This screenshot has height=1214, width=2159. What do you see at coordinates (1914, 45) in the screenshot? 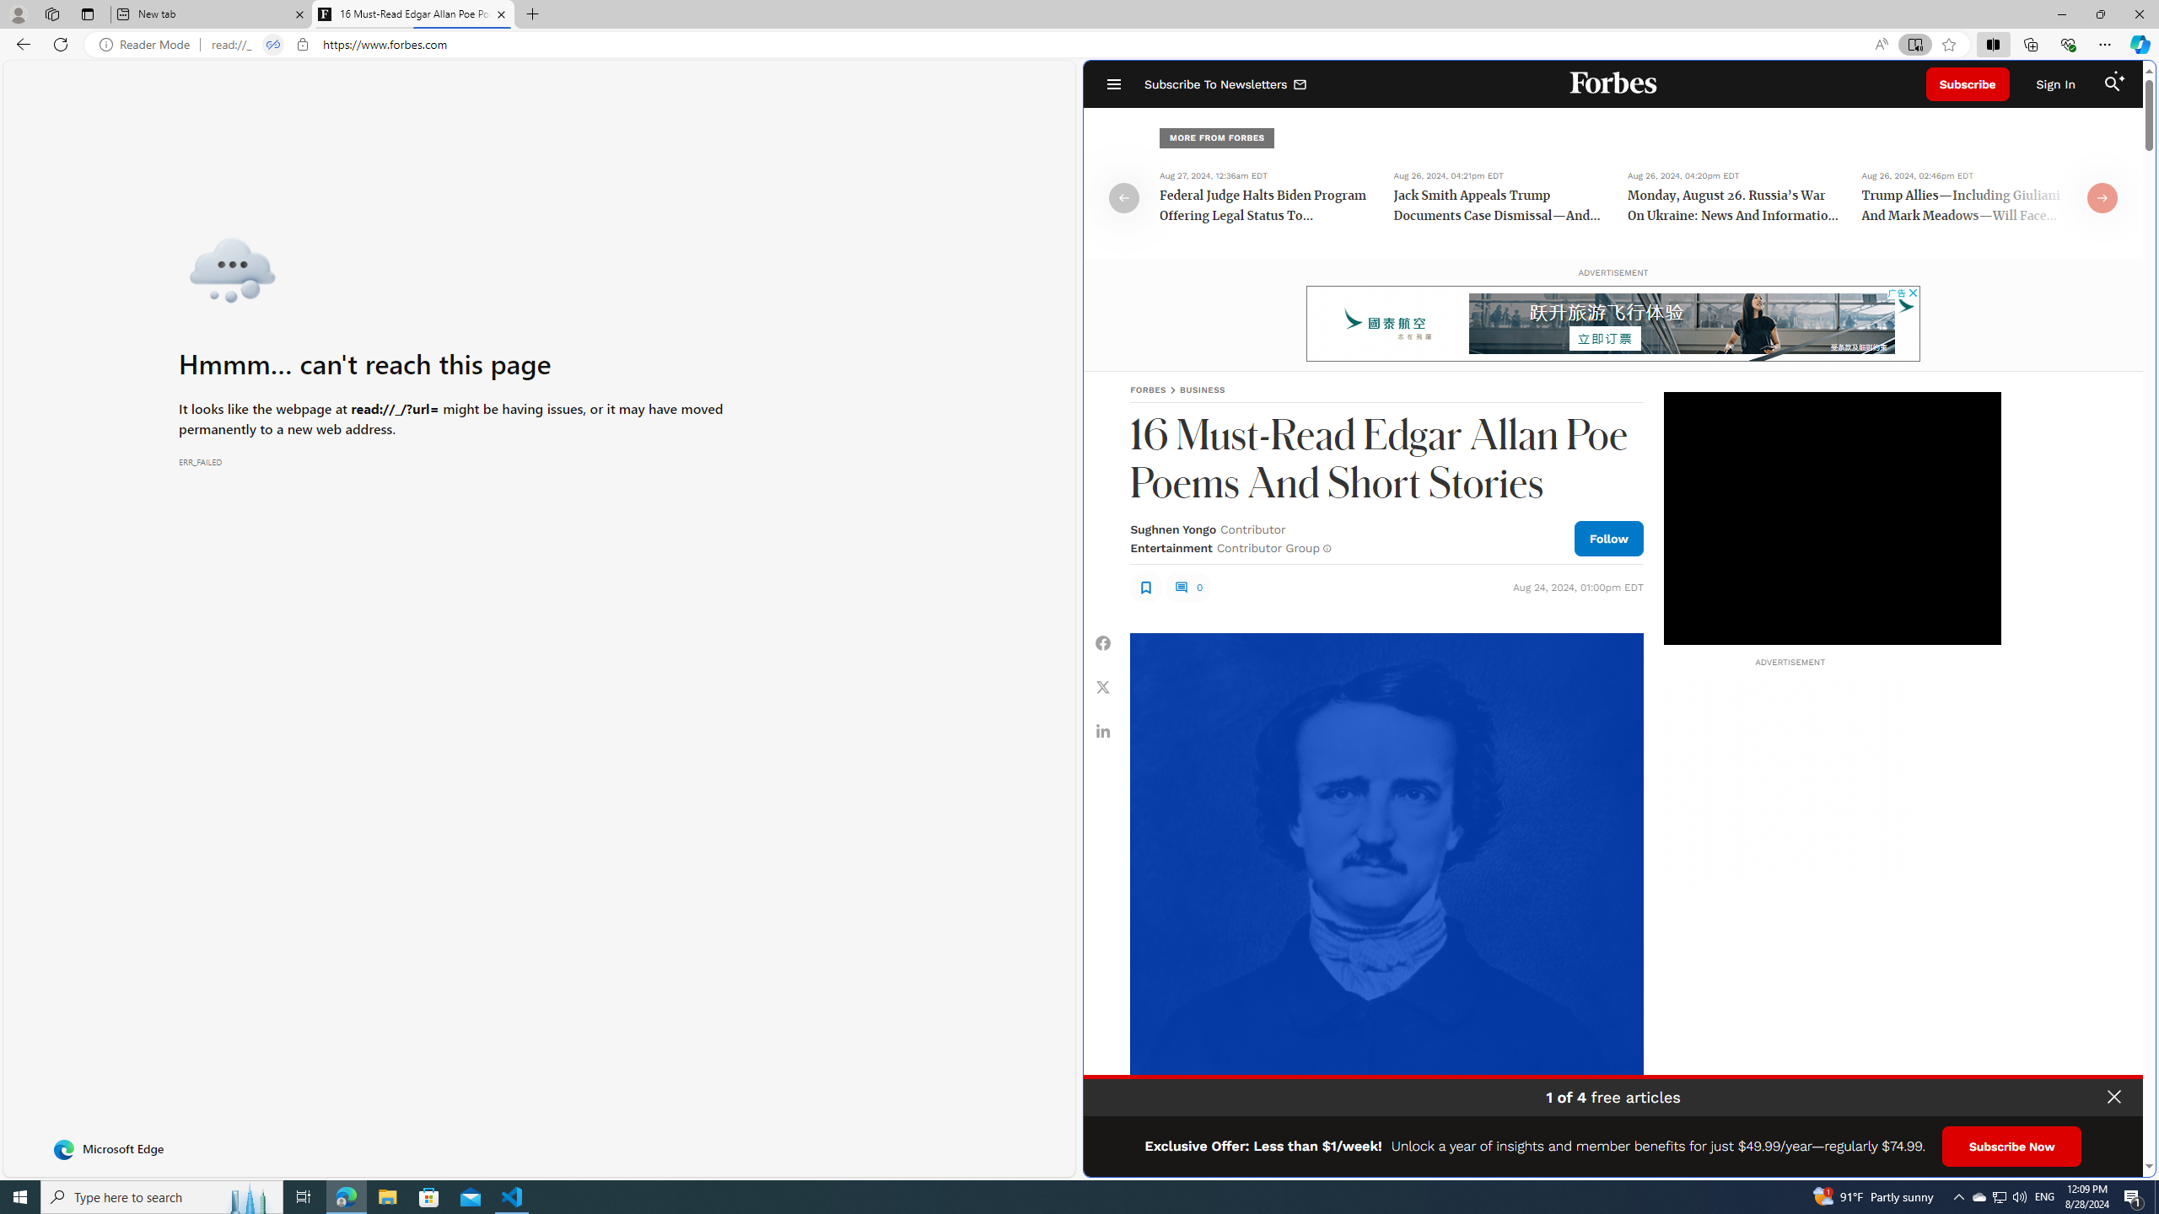
I see `'Enter Immersive Reader (F9)'` at bounding box center [1914, 45].